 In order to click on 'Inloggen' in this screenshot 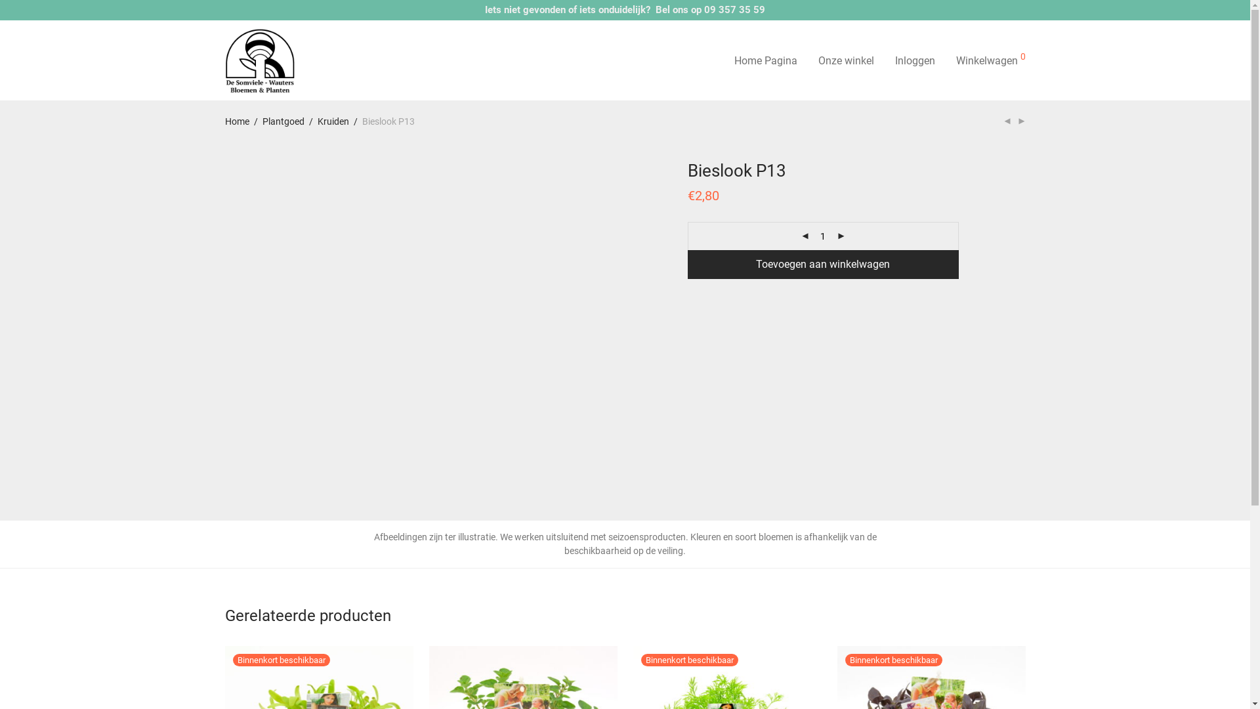, I will do `click(885, 60)`.